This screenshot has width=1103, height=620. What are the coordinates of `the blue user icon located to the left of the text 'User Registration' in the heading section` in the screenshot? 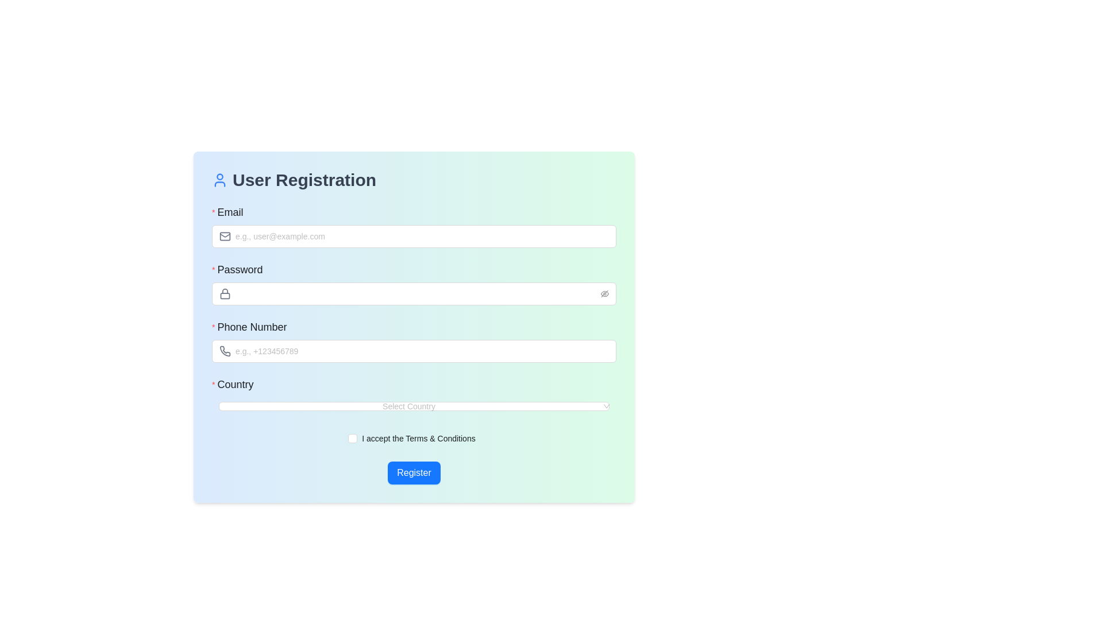 It's located at (220, 180).